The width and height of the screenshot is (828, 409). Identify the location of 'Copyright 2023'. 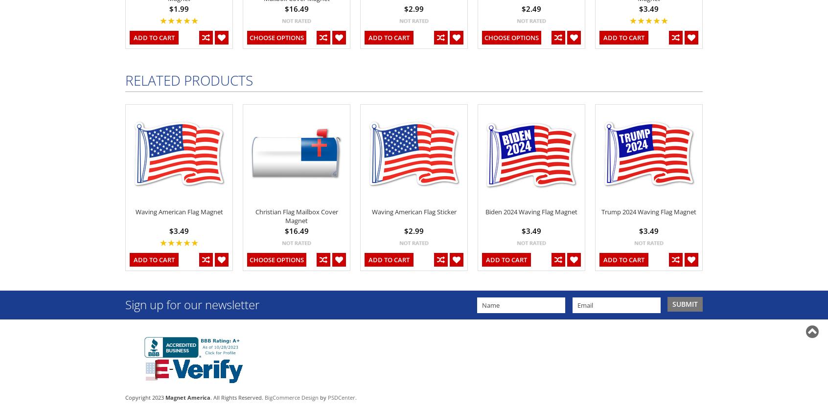
(125, 396).